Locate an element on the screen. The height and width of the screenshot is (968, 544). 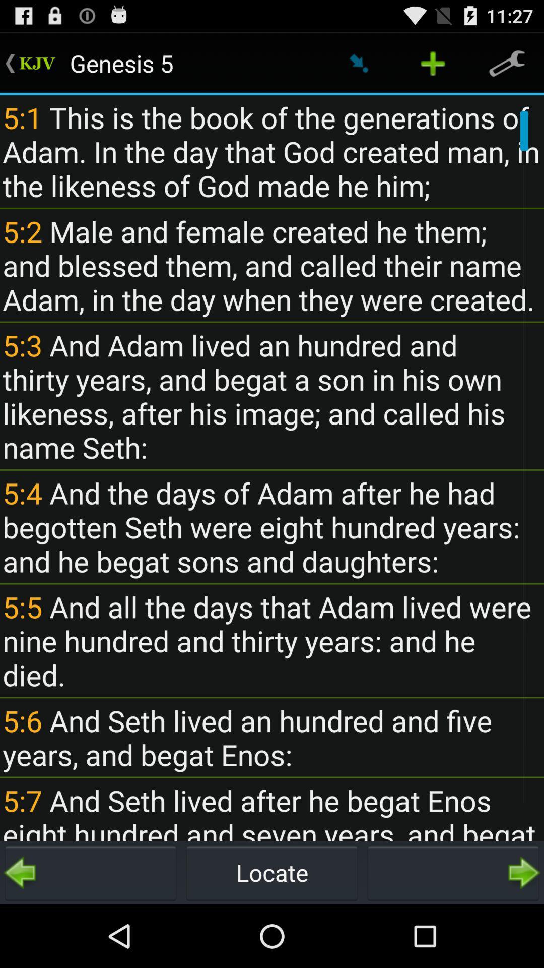
icon at the bottom left corner is located at coordinates (91, 872).